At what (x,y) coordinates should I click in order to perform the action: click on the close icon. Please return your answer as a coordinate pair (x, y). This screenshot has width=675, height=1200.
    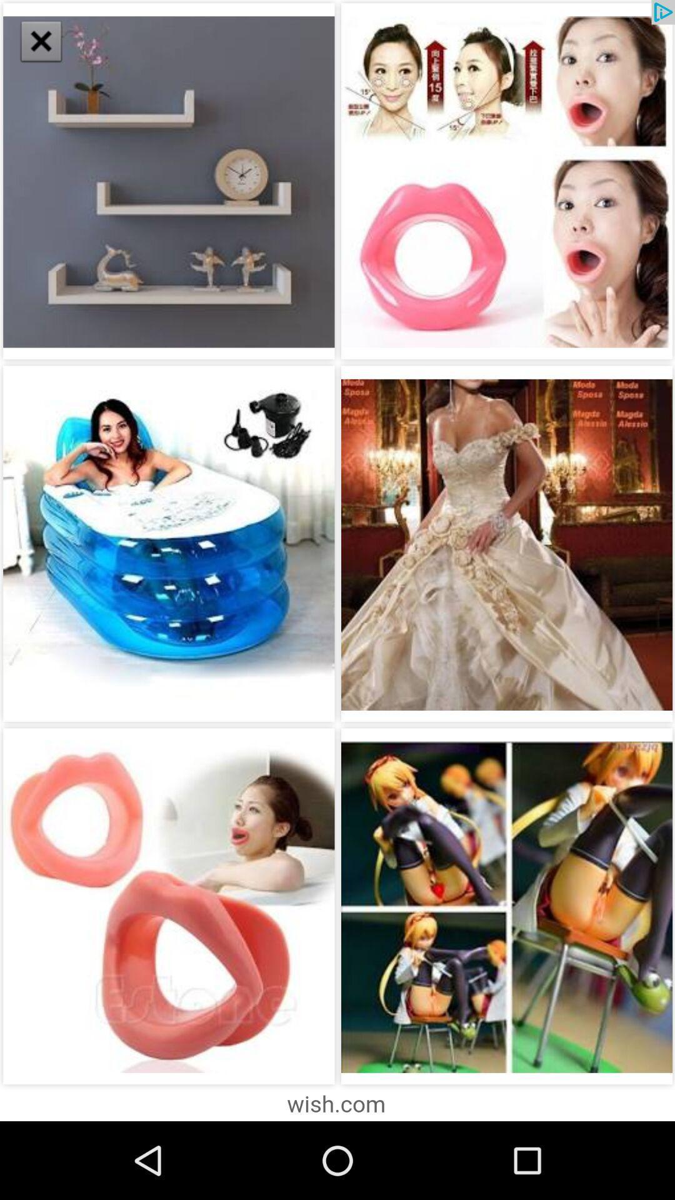
    Looking at the image, I should click on (34, 35).